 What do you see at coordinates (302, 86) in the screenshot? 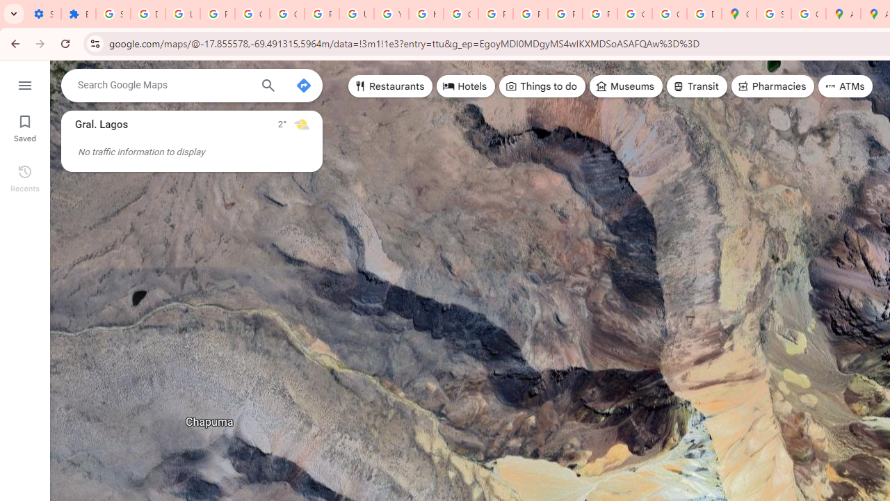
I see `'Directions'` at bounding box center [302, 86].